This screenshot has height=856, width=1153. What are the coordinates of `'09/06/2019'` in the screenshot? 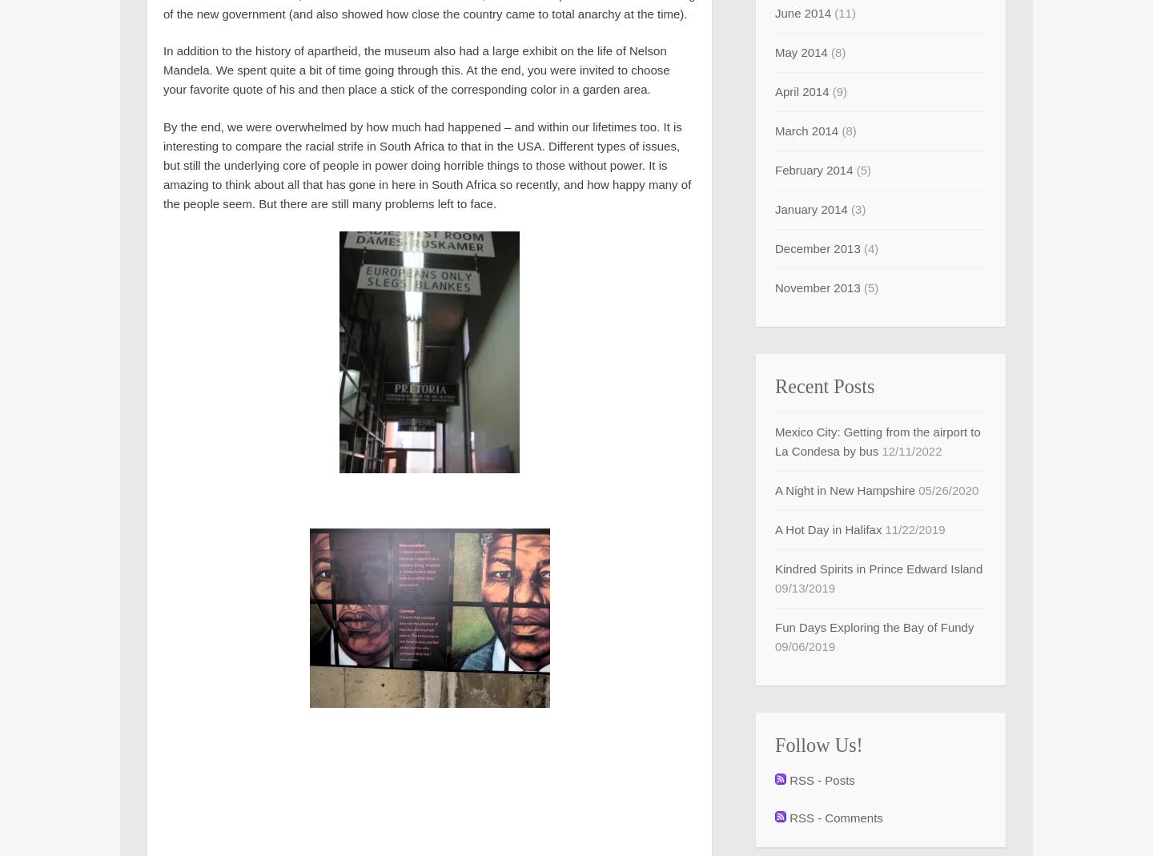 It's located at (773, 646).